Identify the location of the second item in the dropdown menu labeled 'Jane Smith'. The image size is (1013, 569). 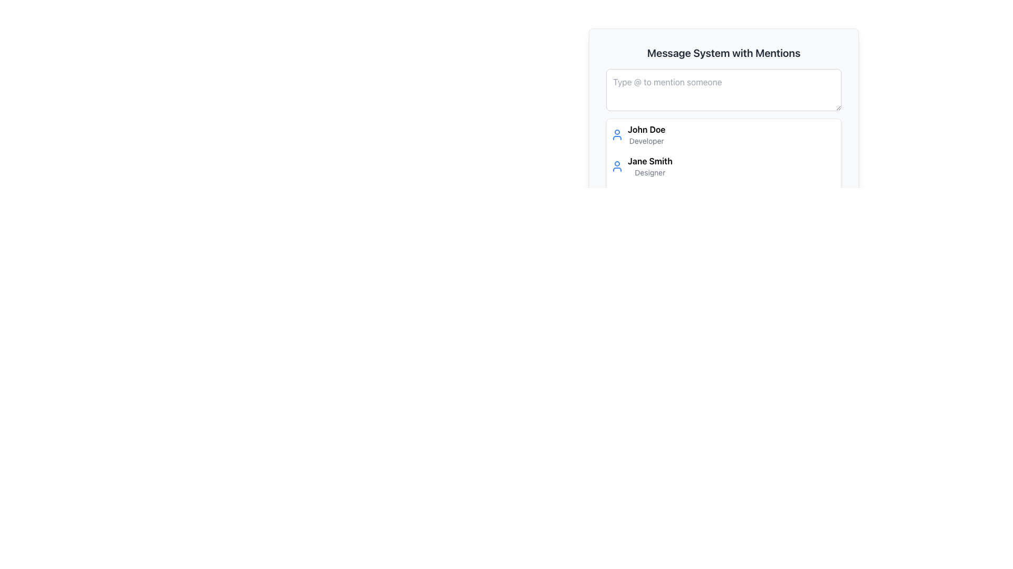
(723, 166).